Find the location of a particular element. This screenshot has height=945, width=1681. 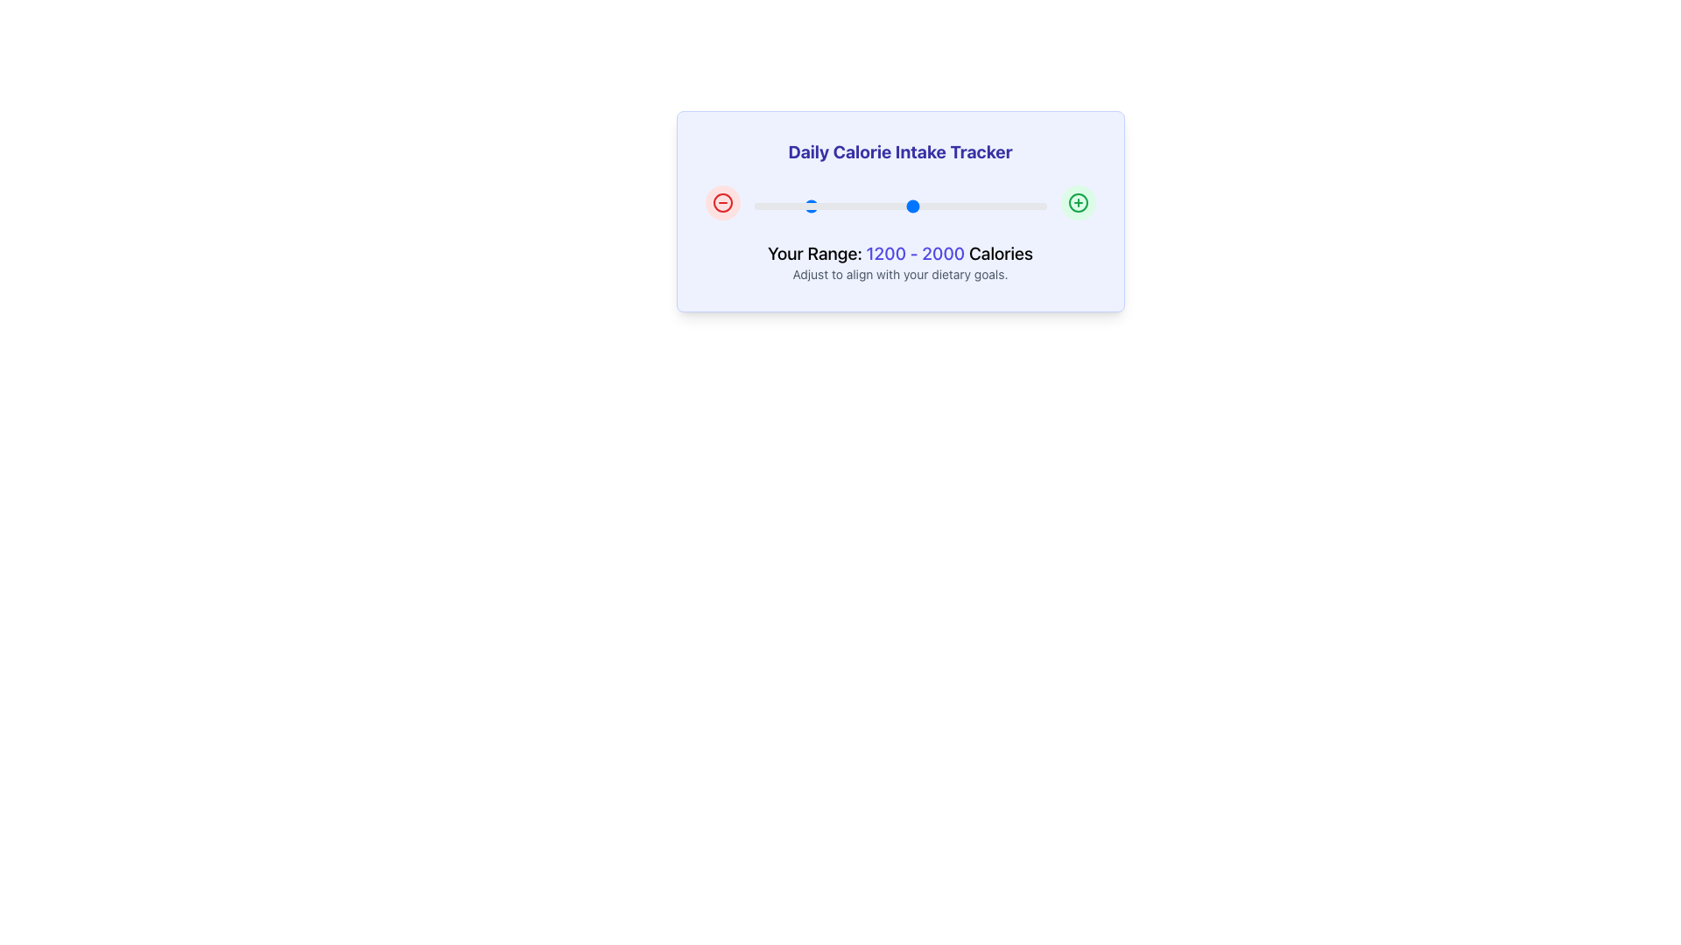

the calorie value is located at coordinates (803, 205).